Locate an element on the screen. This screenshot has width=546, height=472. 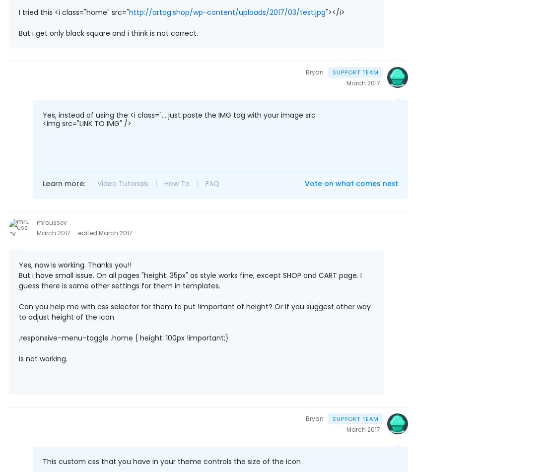
'But i have small issue. On all pages "height: 35px" as style works fine, except SHOP and CART page. I guess there is some other settings for them in templates.' is located at coordinates (190, 280).